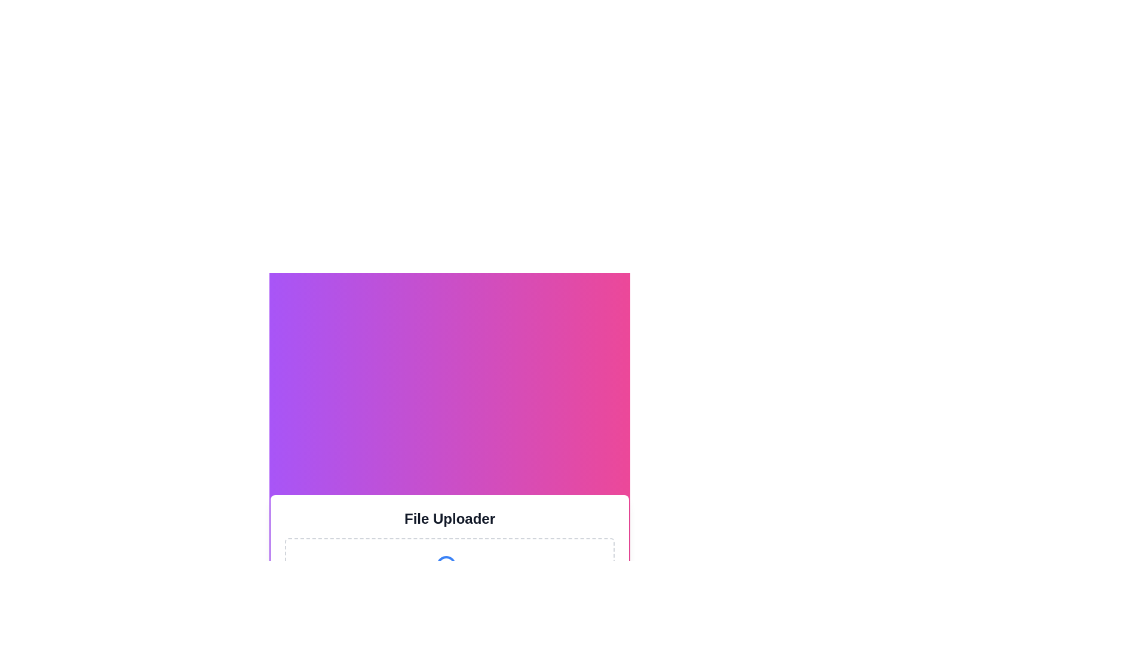  I want to click on the File upload placeholder located below the 'File Uploader' title to potentially reveal additional instructions or styles, so click(449, 579).